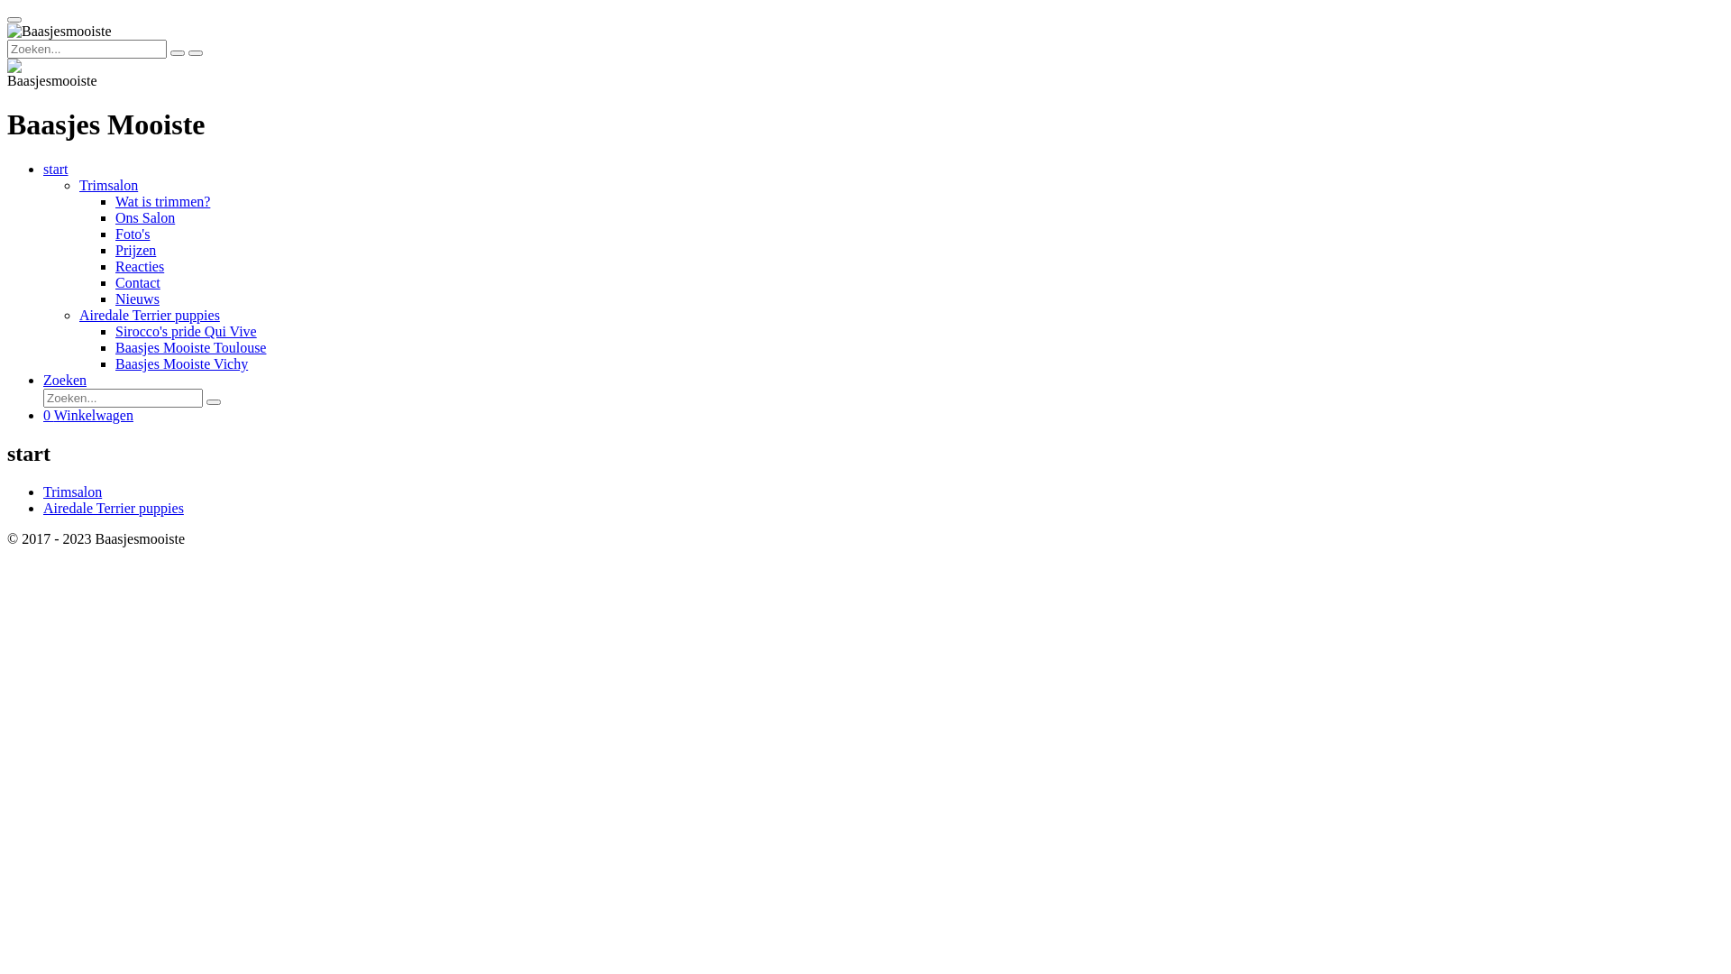  Describe the element at coordinates (107, 185) in the screenshot. I see `'Trimsalon'` at that location.